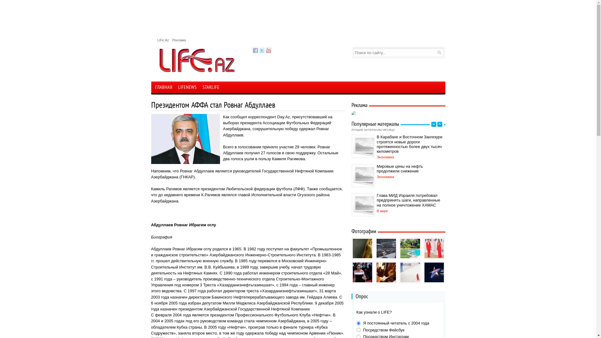  Describe the element at coordinates (261, 50) in the screenshot. I see `'Twitter'` at that location.